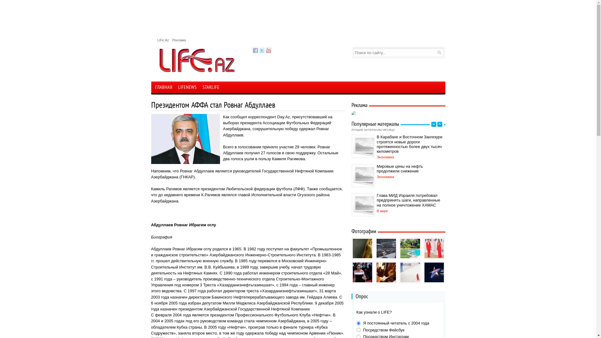  Describe the element at coordinates (261, 50) in the screenshot. I see `'Twitter'` at that location.